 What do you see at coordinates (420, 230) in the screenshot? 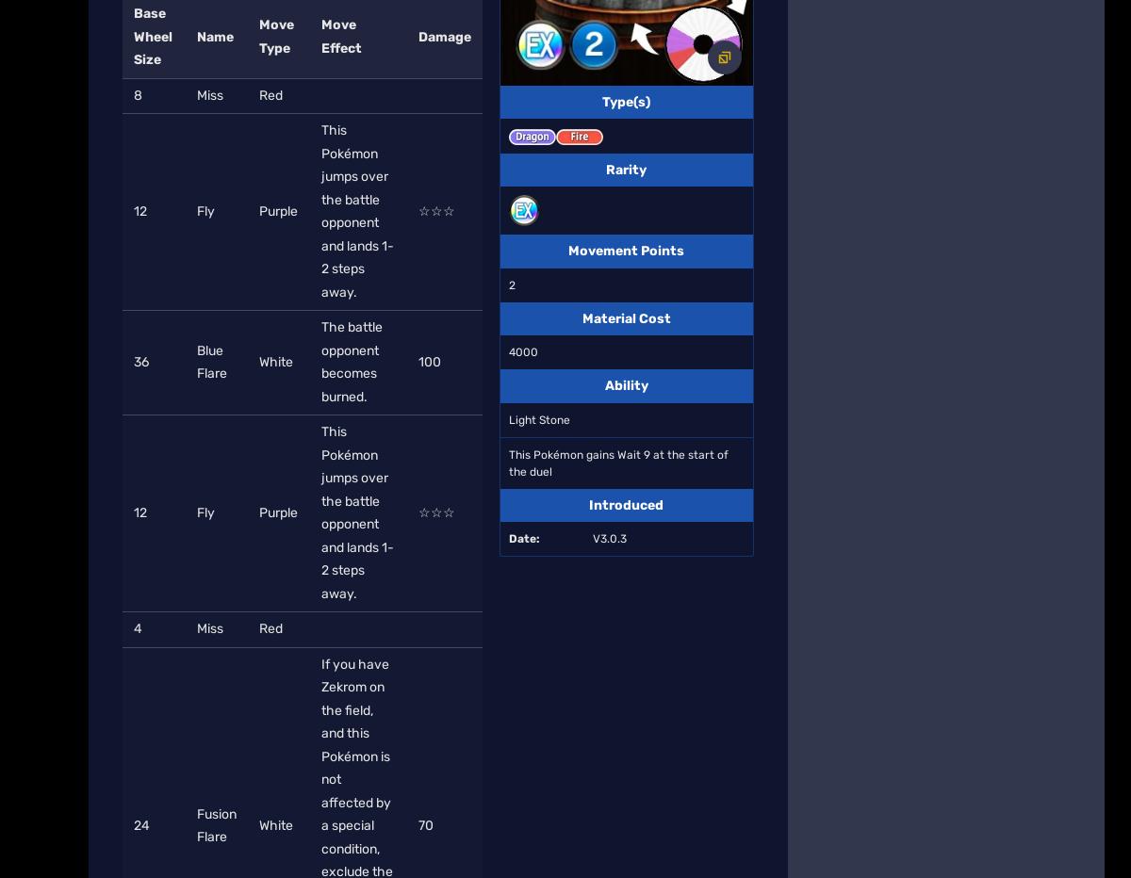
I see `'What is Fandom?'` at bounding box center [420, 230].